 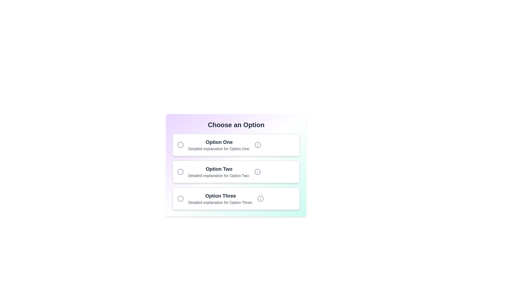 I want to click on the text label reading 'Detailed explanation for Option One.' which is styled in small gray font and located directly beneath the title 'Option One.', so click(x=219, y=149).